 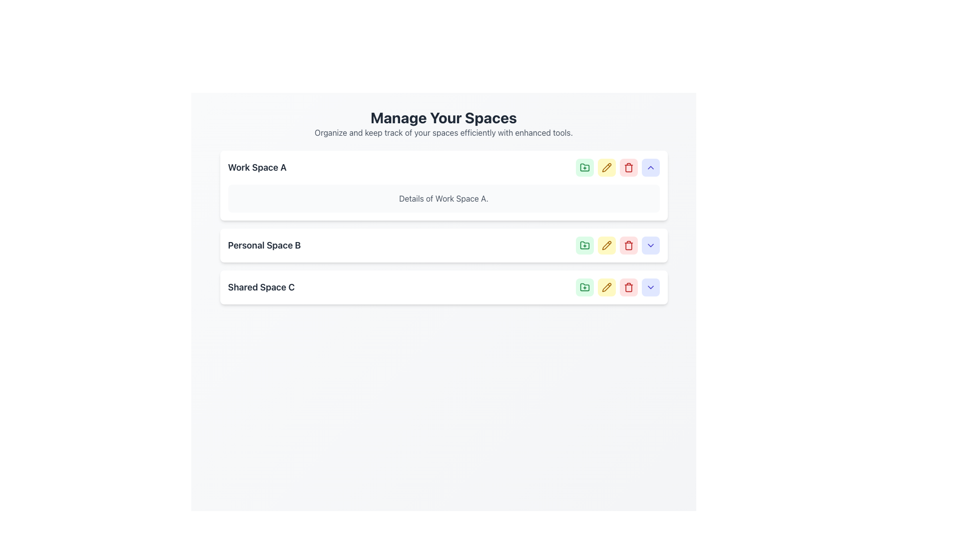 What do you see at coordinates (584, 167) in the screenshot?
I see `the folder icon with a smaller symbol located in the top-right corner of the controls for 'Work Space A'` at bounding box center [584, 167].